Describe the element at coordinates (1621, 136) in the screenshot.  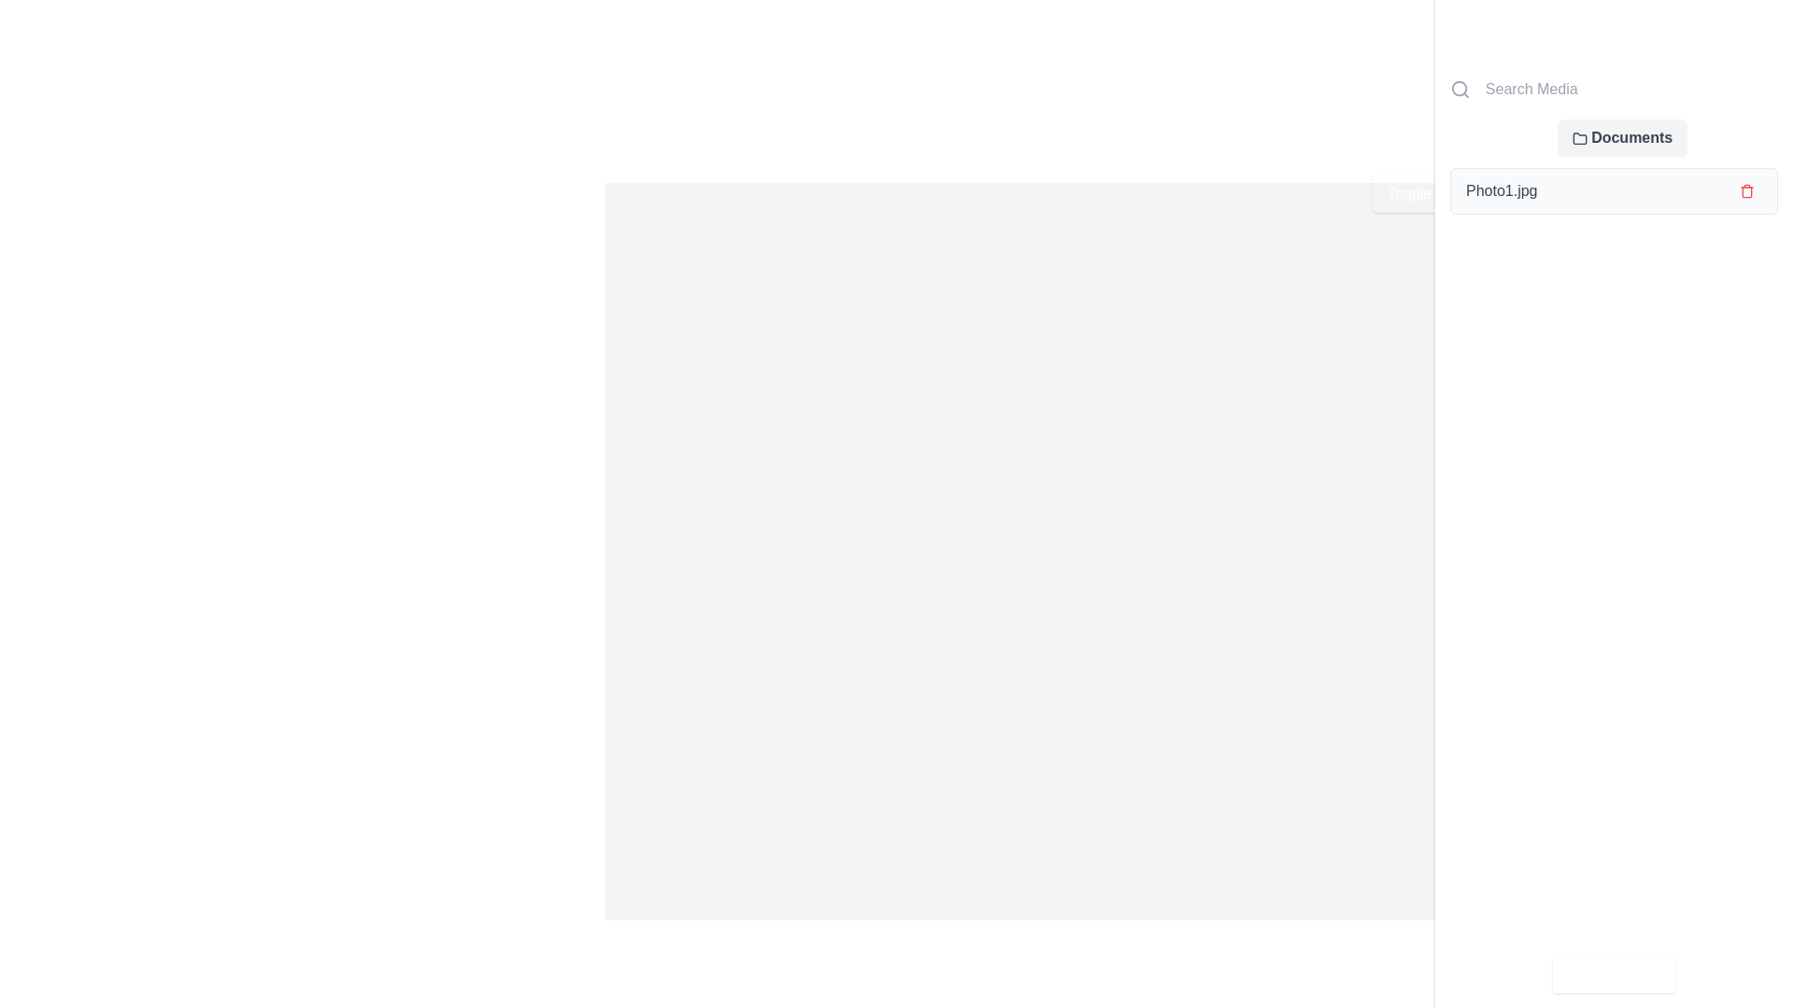
I see `the 'Documents' button located` at that location.